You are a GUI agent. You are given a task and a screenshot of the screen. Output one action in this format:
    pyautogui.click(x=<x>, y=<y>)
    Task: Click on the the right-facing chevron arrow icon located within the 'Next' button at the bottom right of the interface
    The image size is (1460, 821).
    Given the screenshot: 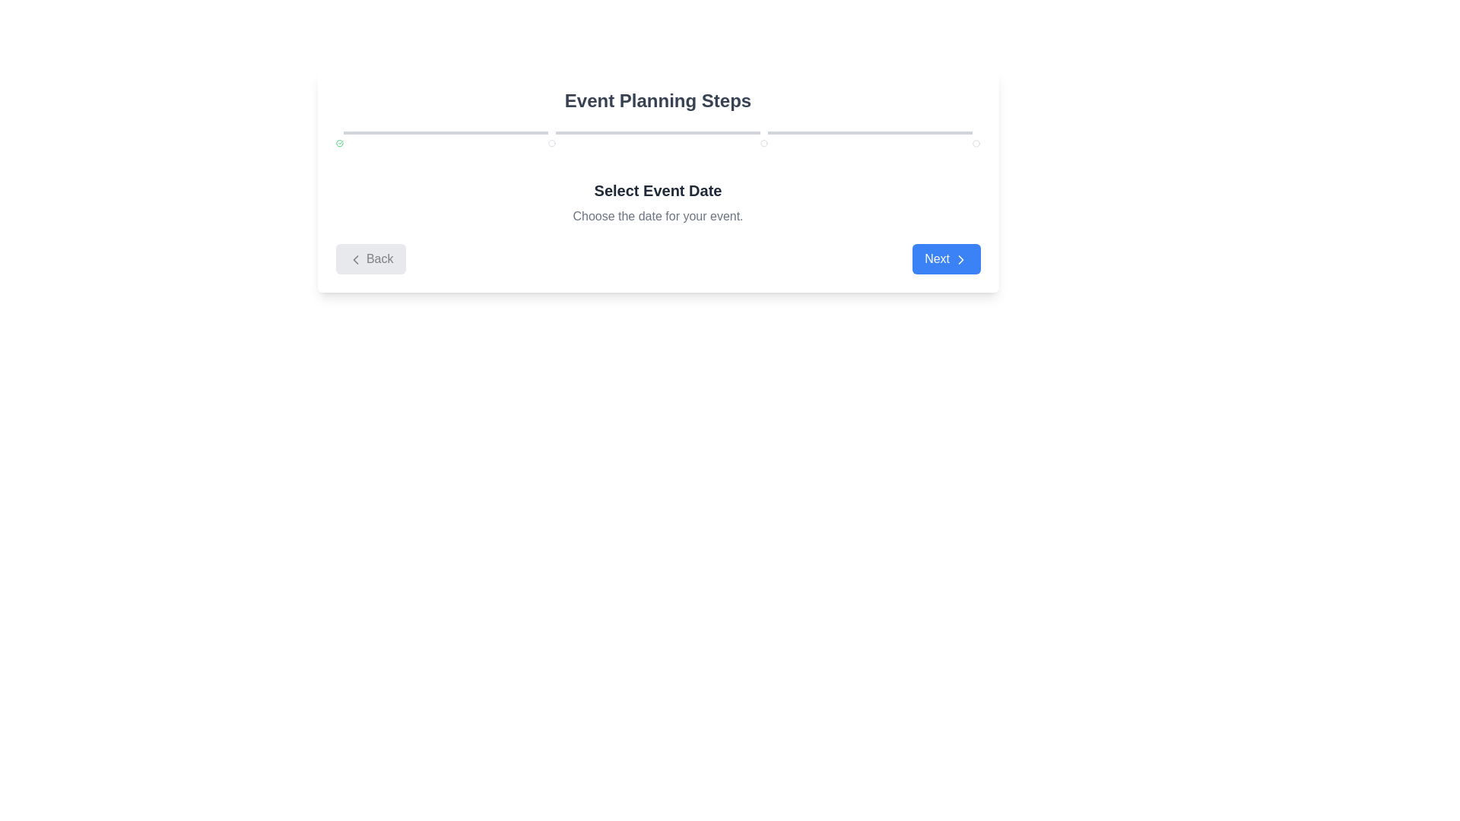 What is the action you would take?
    pyautogui.click(x=960, y=258)
    